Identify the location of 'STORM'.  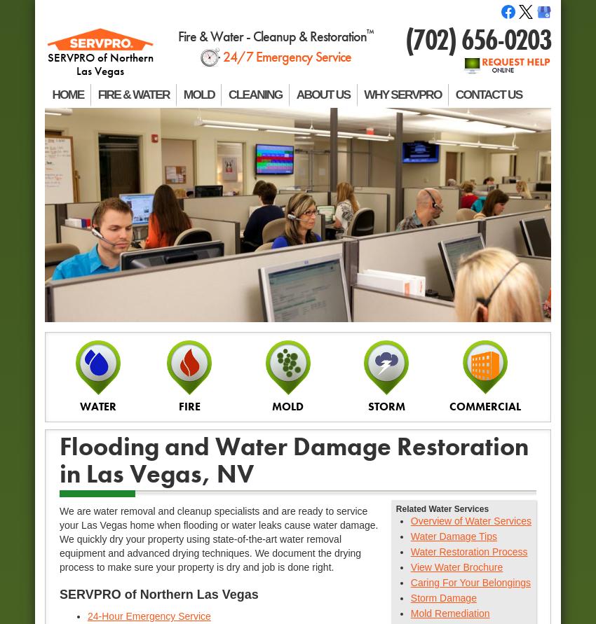
(385, 405).